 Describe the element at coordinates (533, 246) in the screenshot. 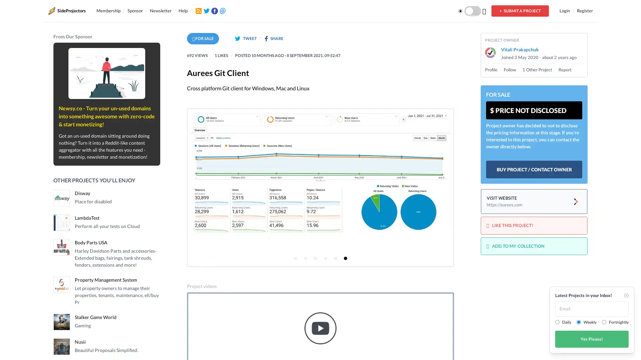

I see `ADD TO MY COLLECTION` at that location.